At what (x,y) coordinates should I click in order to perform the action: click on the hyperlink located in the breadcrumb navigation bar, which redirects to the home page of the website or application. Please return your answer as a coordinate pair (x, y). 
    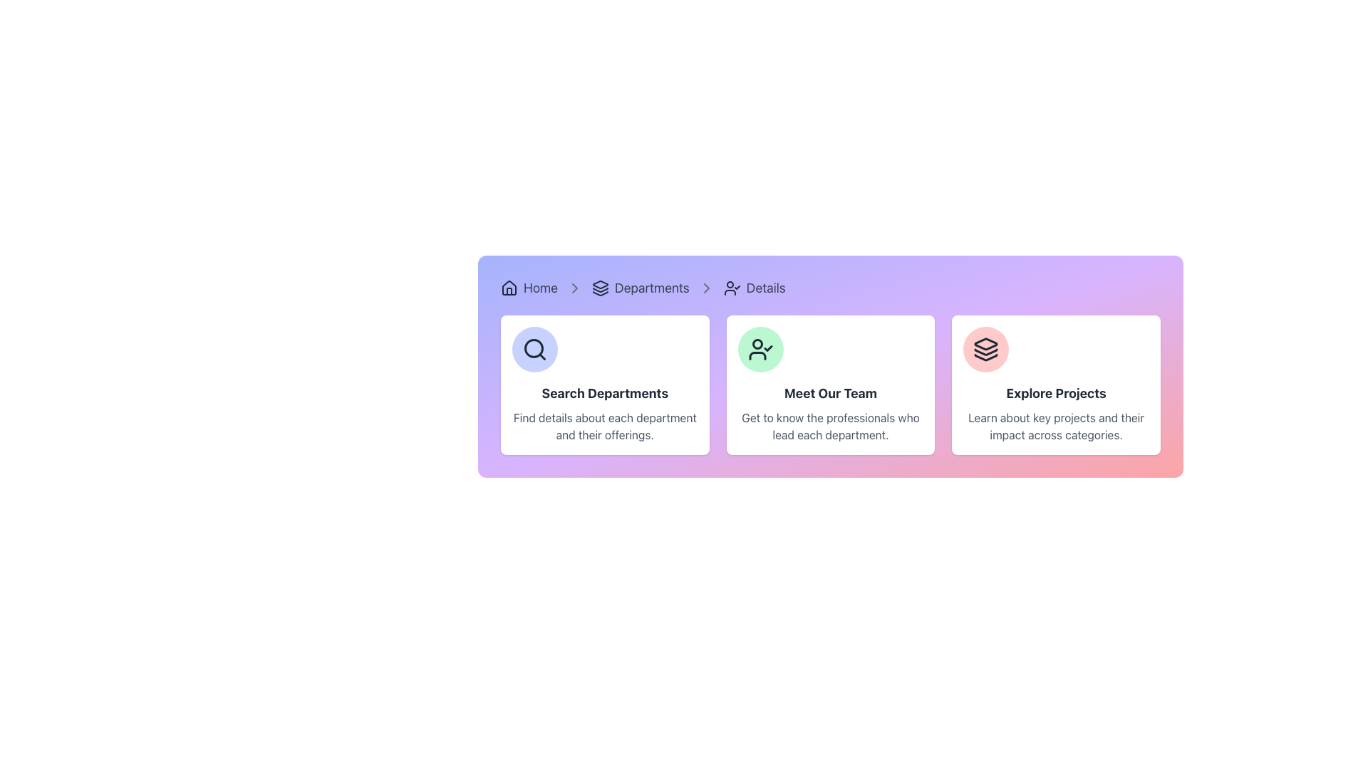
    Looking at the image, I should click on (539, 288).